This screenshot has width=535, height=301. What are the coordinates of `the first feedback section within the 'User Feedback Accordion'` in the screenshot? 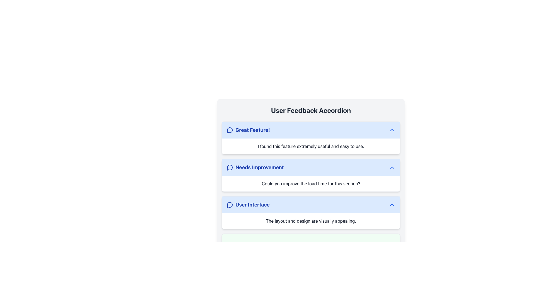 It's located at (311, 138).